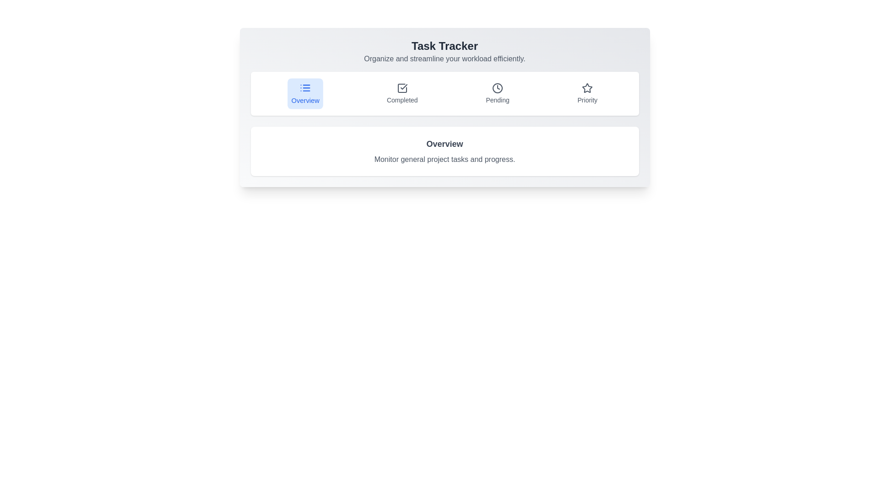 This screenshot has height=494, width=879. I want to click on the Pending tab to view its content, so click(497, 93).